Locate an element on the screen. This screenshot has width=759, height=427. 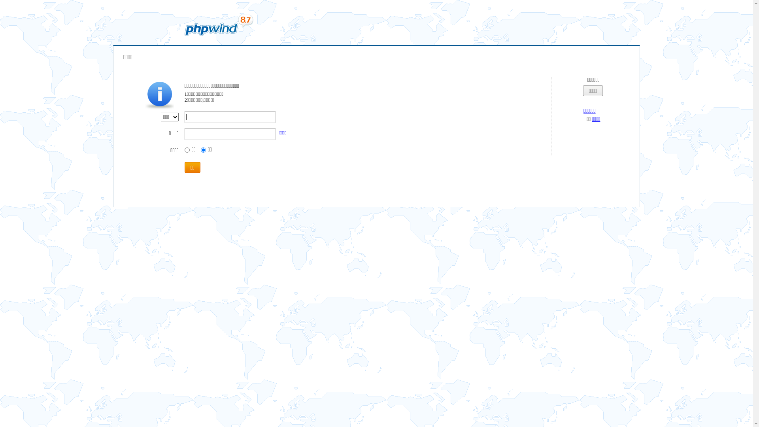
'phpwind' is located at coordinates (218, 25).